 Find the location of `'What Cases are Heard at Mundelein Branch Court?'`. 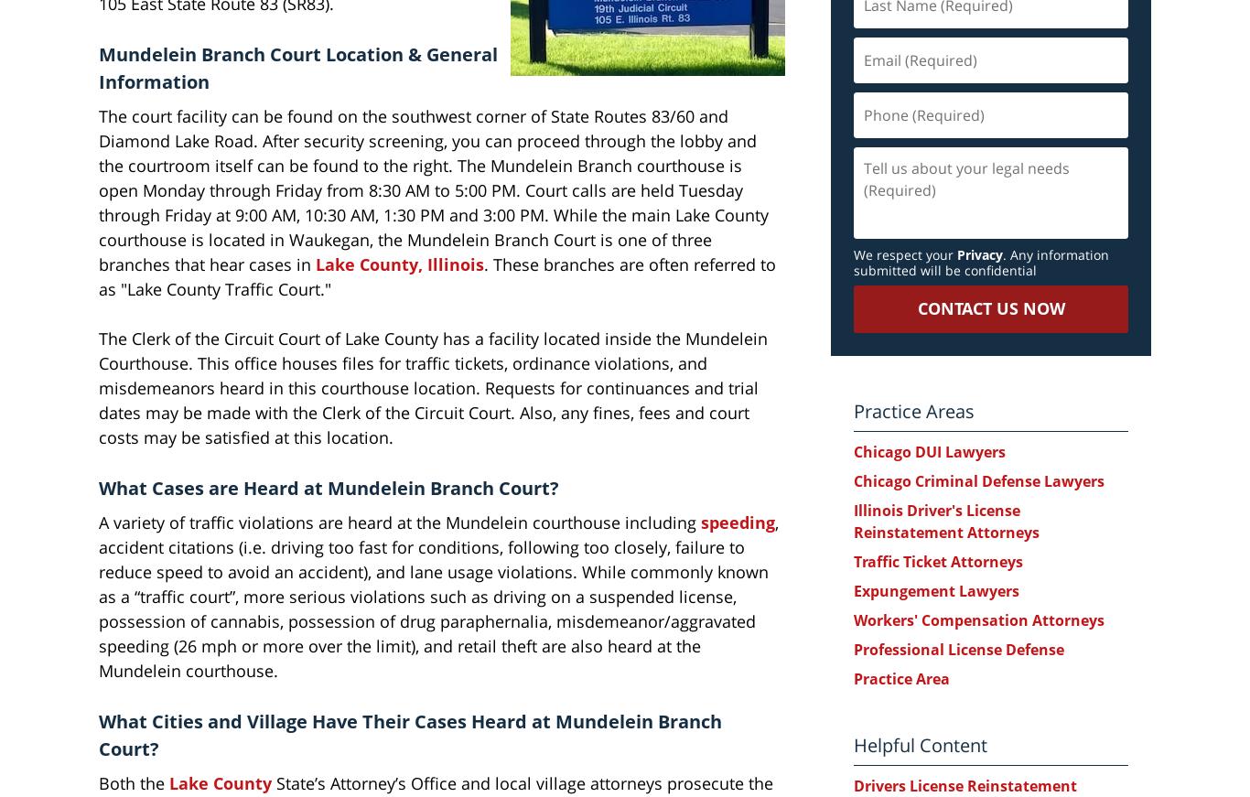

'What Cases are Heard at Mundelein Branch Court?' is located at coordinates (99, 487).